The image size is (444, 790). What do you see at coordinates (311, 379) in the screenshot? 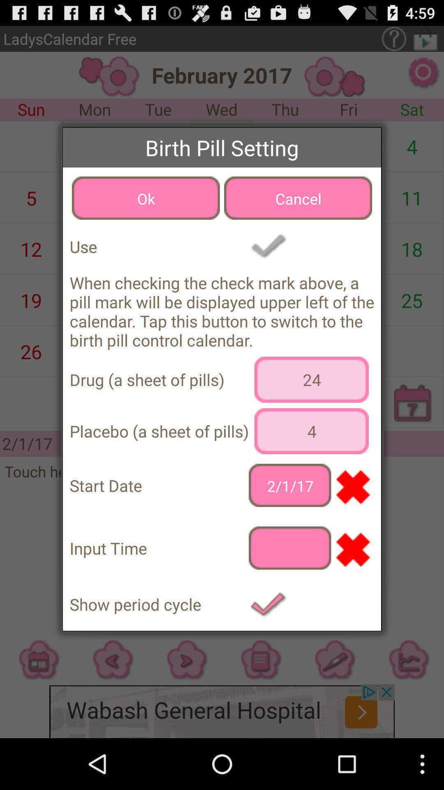
I see `24 icon` at bounding box center [311, 379].